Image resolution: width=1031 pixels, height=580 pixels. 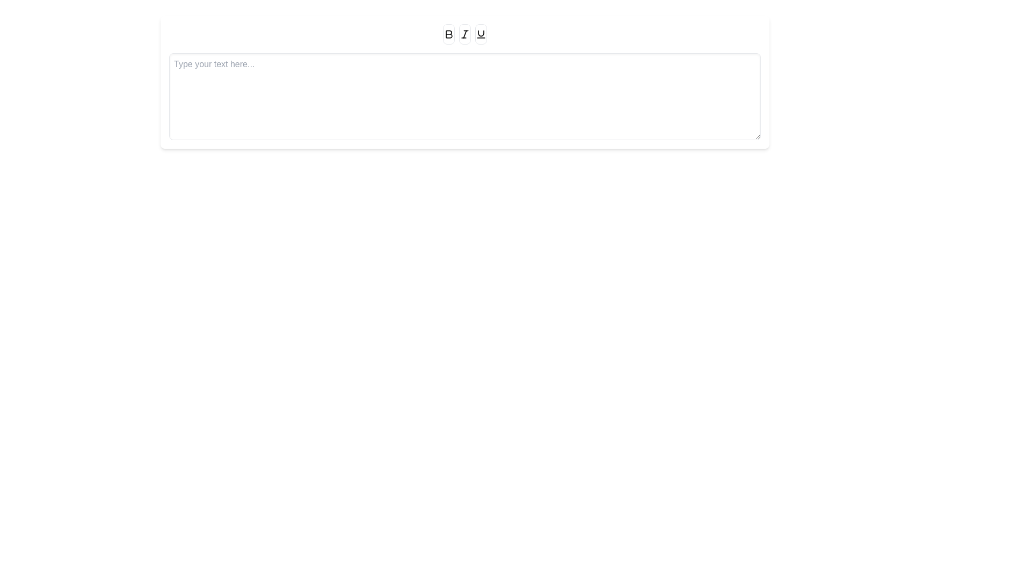 What do you see at coordinates (464, 34) in the screenshot?
I see `the italic formatting button located between the bold 'B' button and the underlined 'U' button` at bounding box center [464, 34].